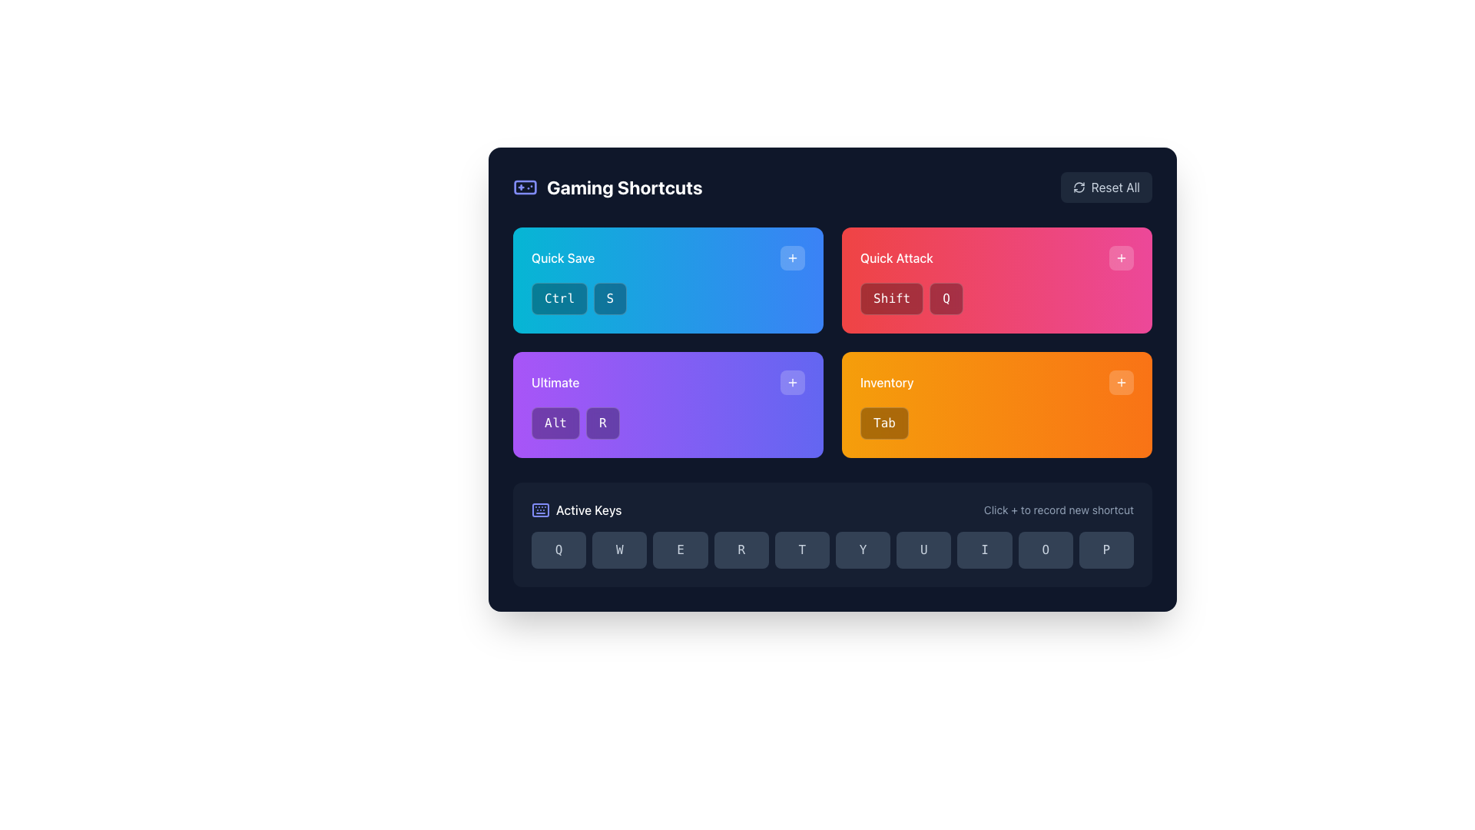 The width and height of the screenshot is (1475, 830). What do you see at coordinates (1121, 257) in the screenshot?
I see `the icon-based button located in the orange panel labeled 'Inventory'` at bounding box center [1121, 257].